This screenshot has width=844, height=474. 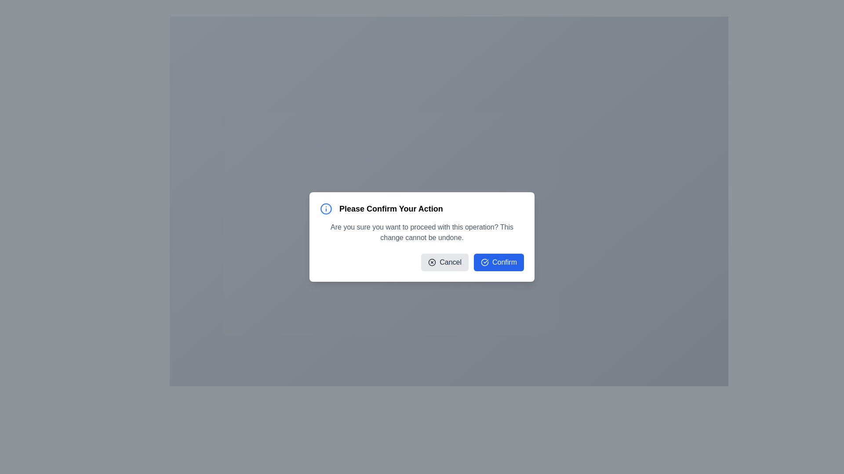 What do you see at coordinates (422, 232) in the screenshot?
I see `the text block displaying the message 'Are you sure you want to proceed with this operation? This change cannot be undone?' which is located within the confirmation dialog box, positioned centrally beneath the title 'Please Confirm Your Action.'` at bounding box center [422, 232].